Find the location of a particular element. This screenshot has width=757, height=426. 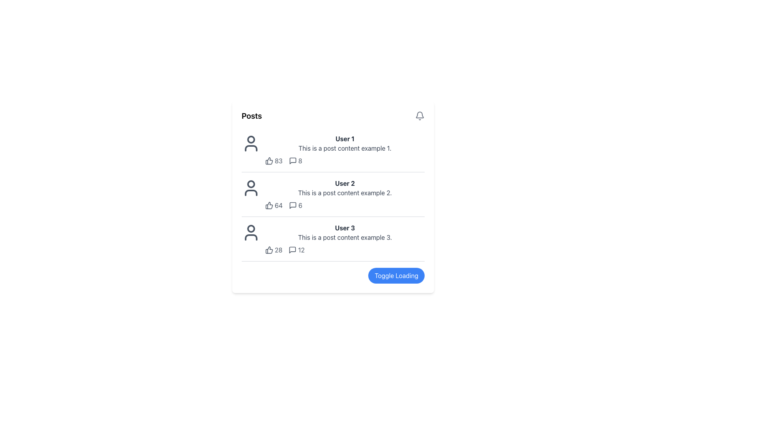

the text label displaying the post from 'User 3', located in the third post of the timeline is located at coordinates (345, 237).